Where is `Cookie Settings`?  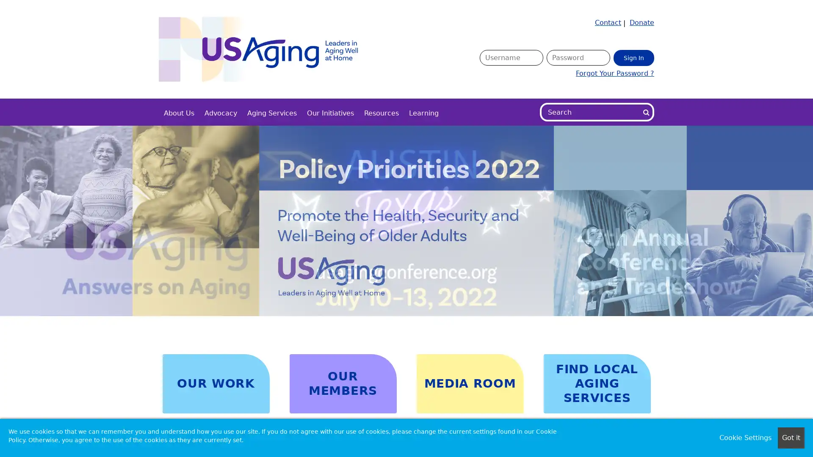
Cookie Settings is located at coordinates (745, 438).